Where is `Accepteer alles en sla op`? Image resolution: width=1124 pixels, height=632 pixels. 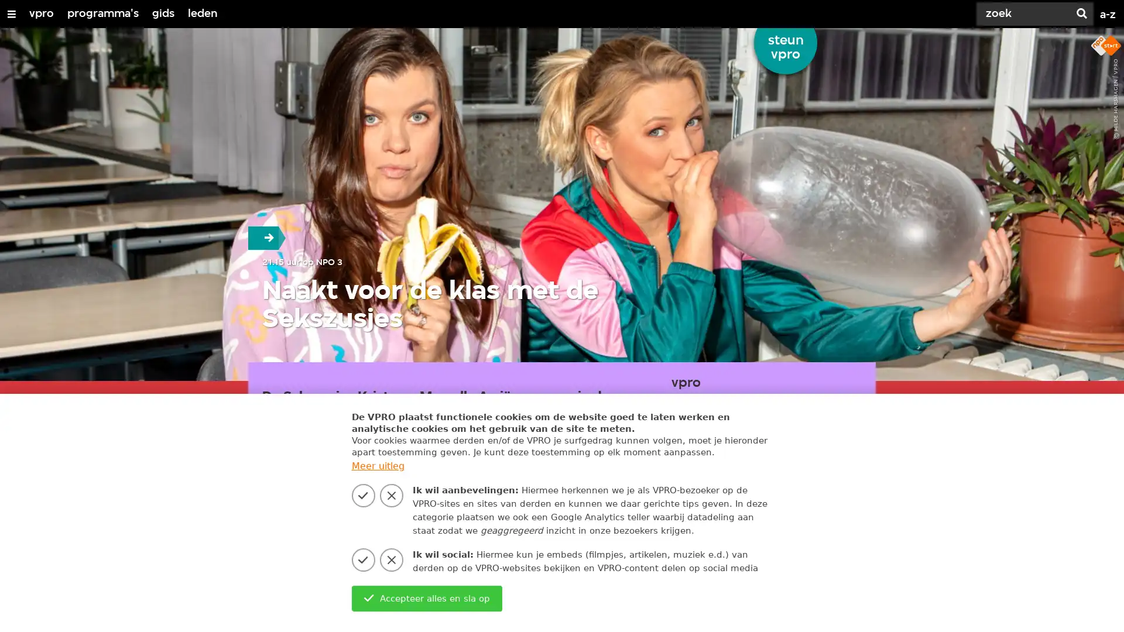
Accepteer alles en sla op is located at coordinates (426, 598).